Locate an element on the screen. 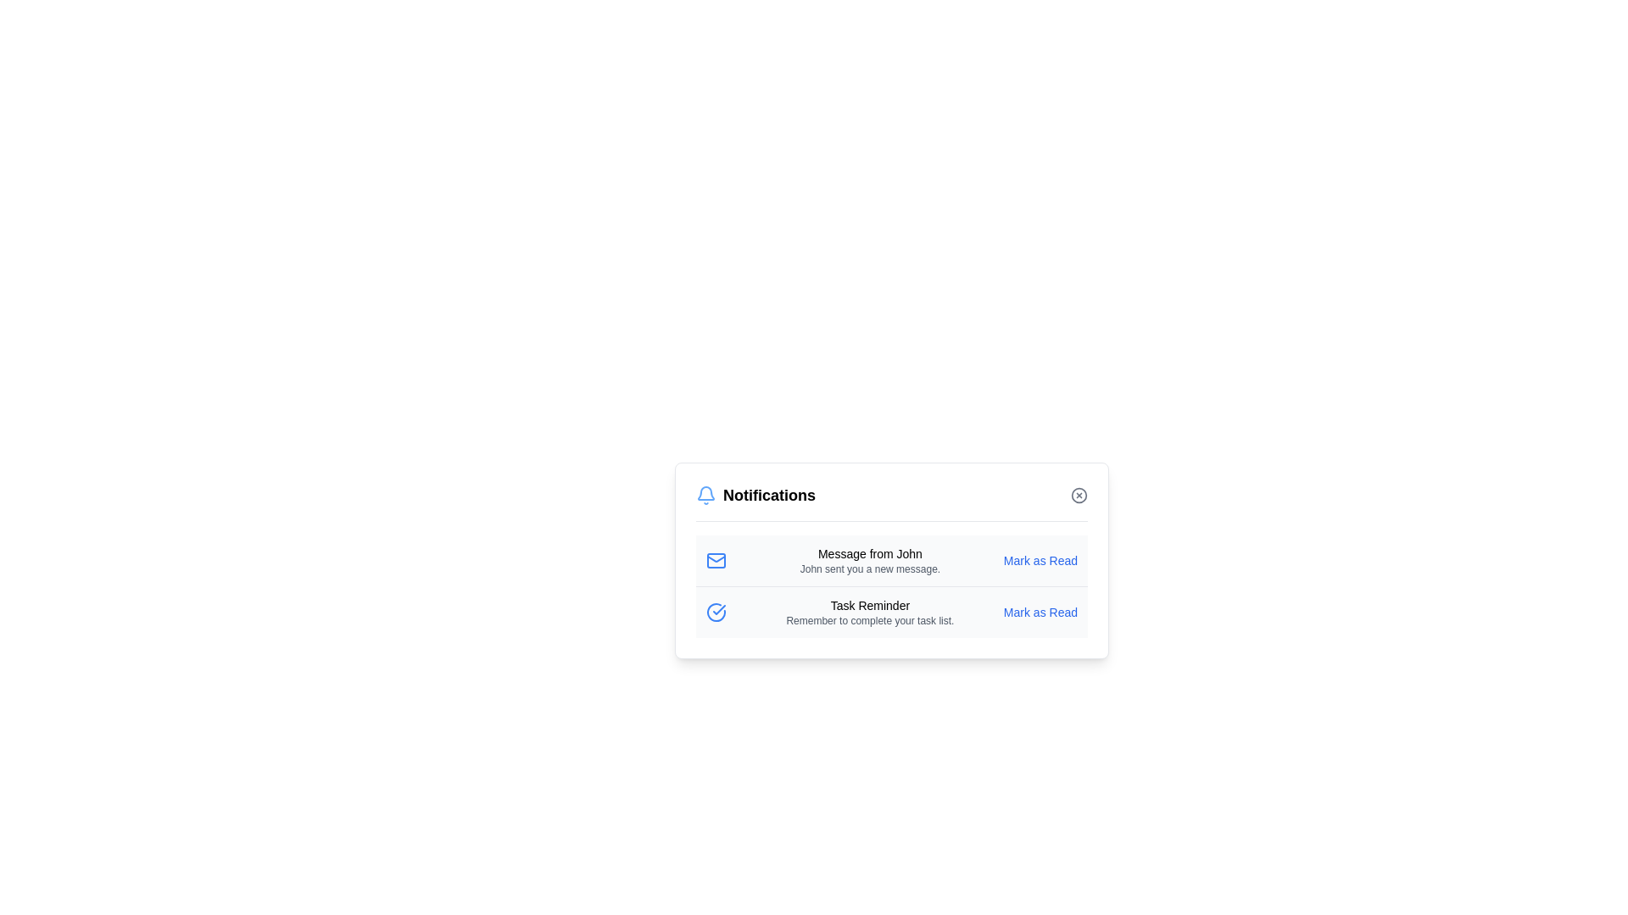 The width and height of the screenshot is (1628, 915). the checkmark icon styled as part of the notification context in the 'Task Reminder' section, which is represented by a geometric check shape is located at coordinates (719, 610).